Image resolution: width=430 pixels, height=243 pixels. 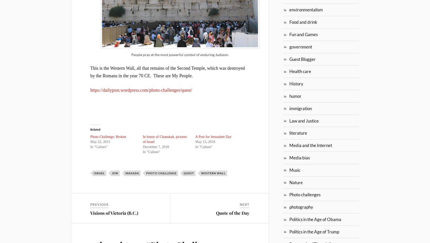 I want to click on 'People pray at the most powerful symbol of enduring Judiasm.', so click(x=180, y=54).